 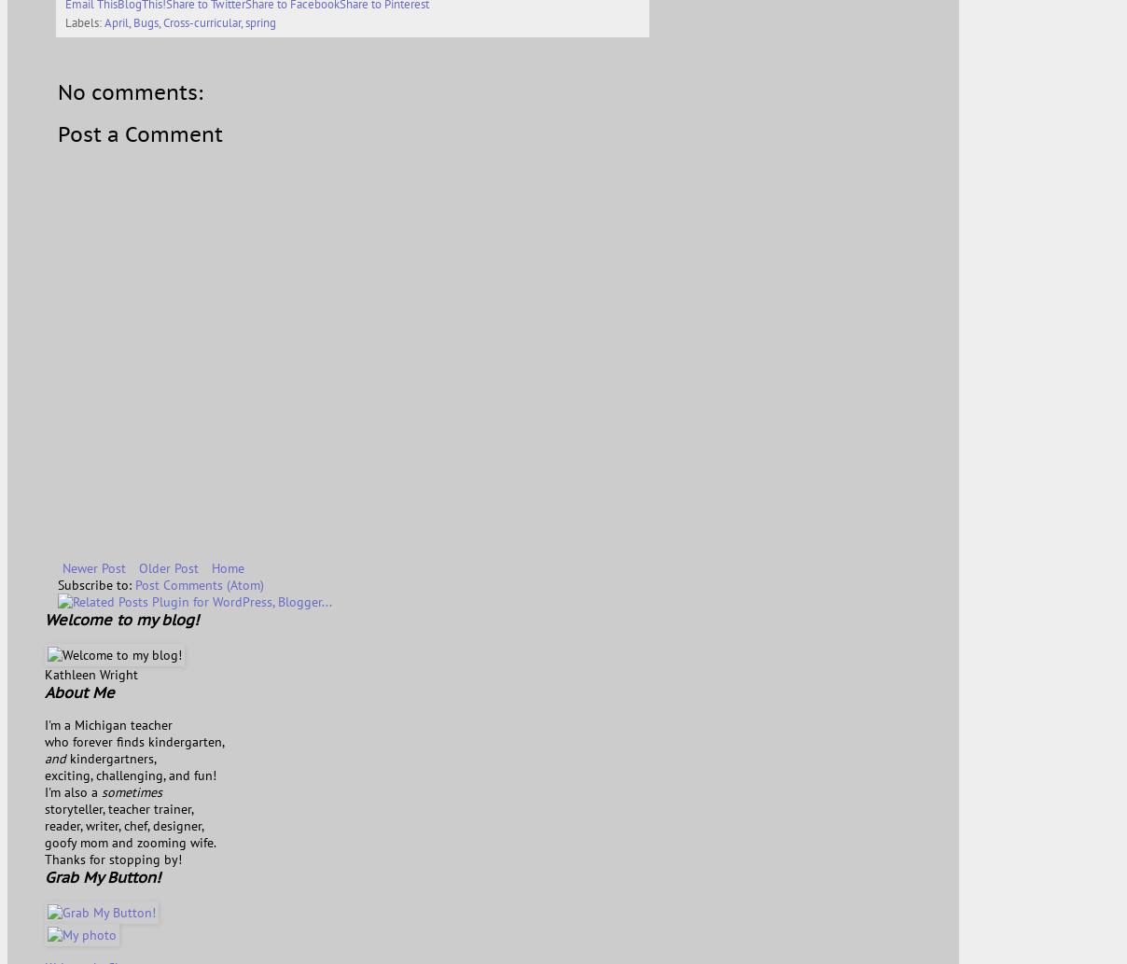 I want to click on 'goofy mom and zooming wife.', so click(x=130, y=841).